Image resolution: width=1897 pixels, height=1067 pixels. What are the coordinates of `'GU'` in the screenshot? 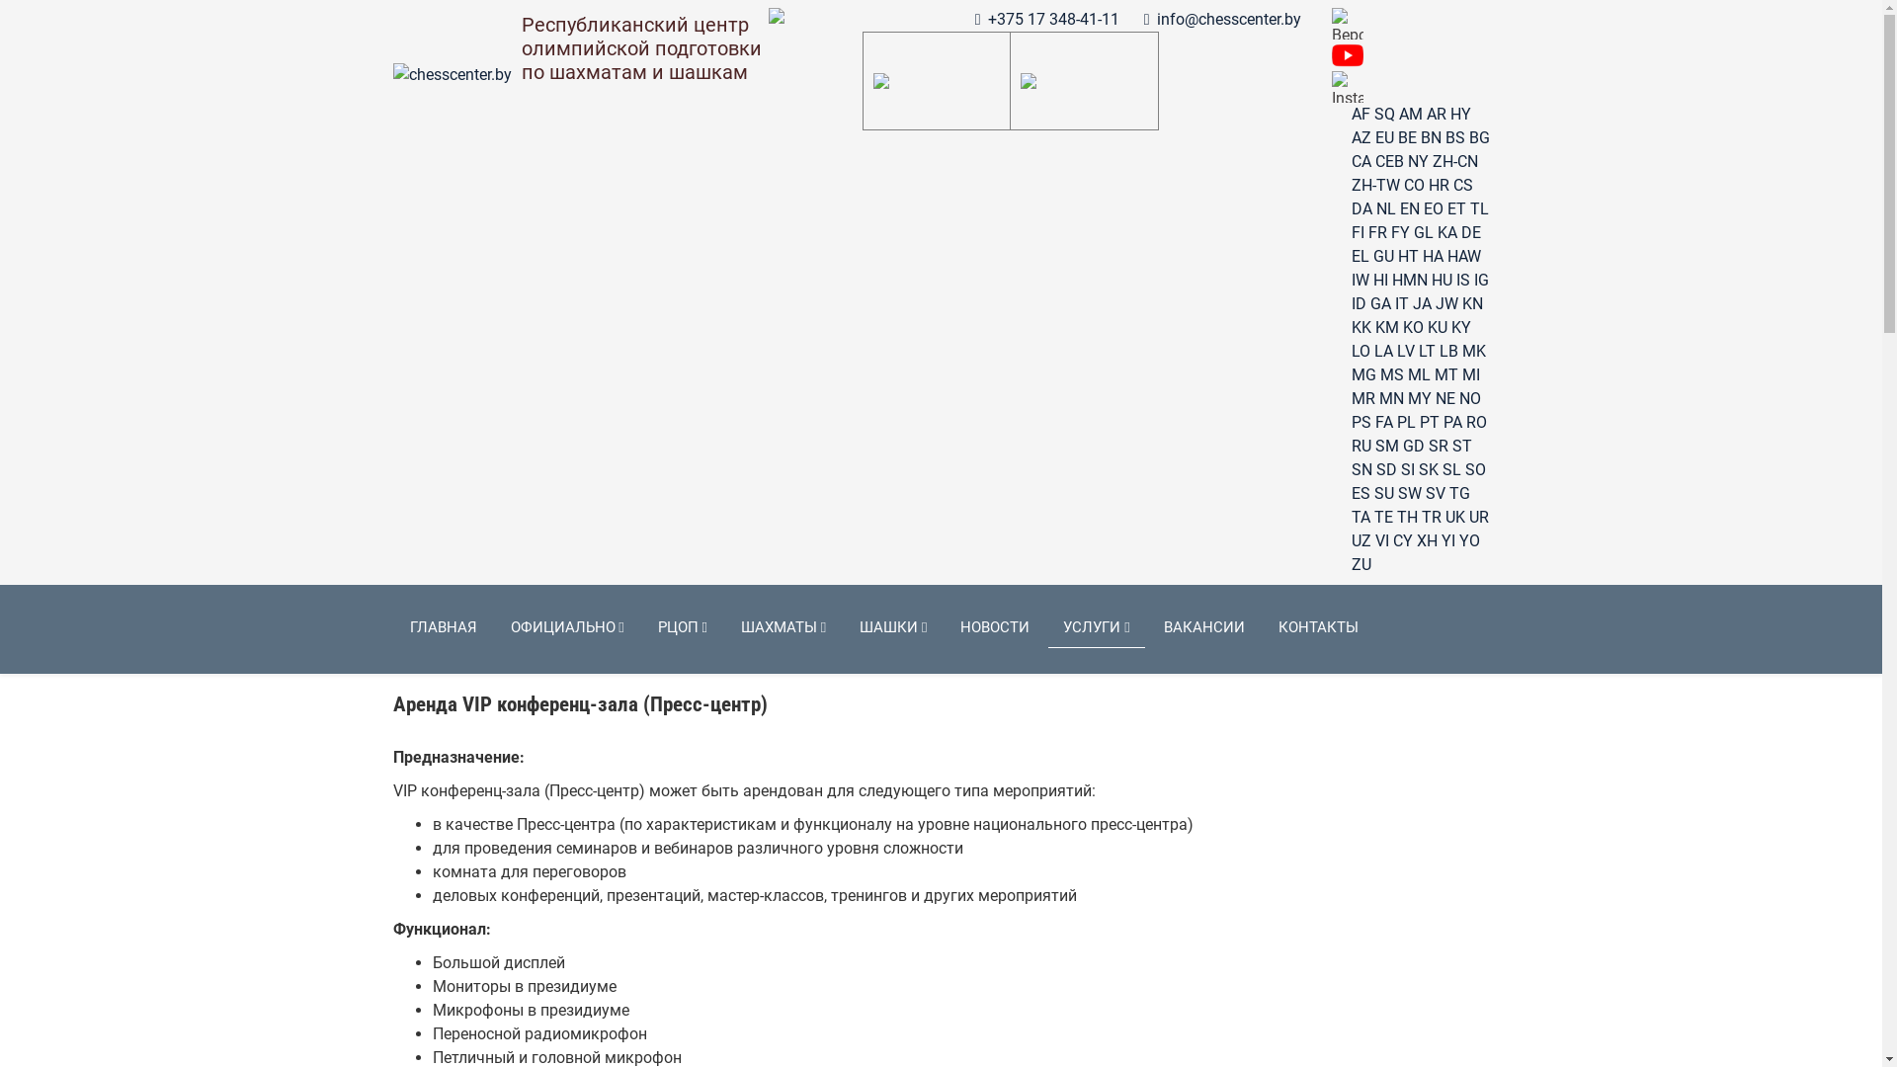 It's located at (1382, 255).